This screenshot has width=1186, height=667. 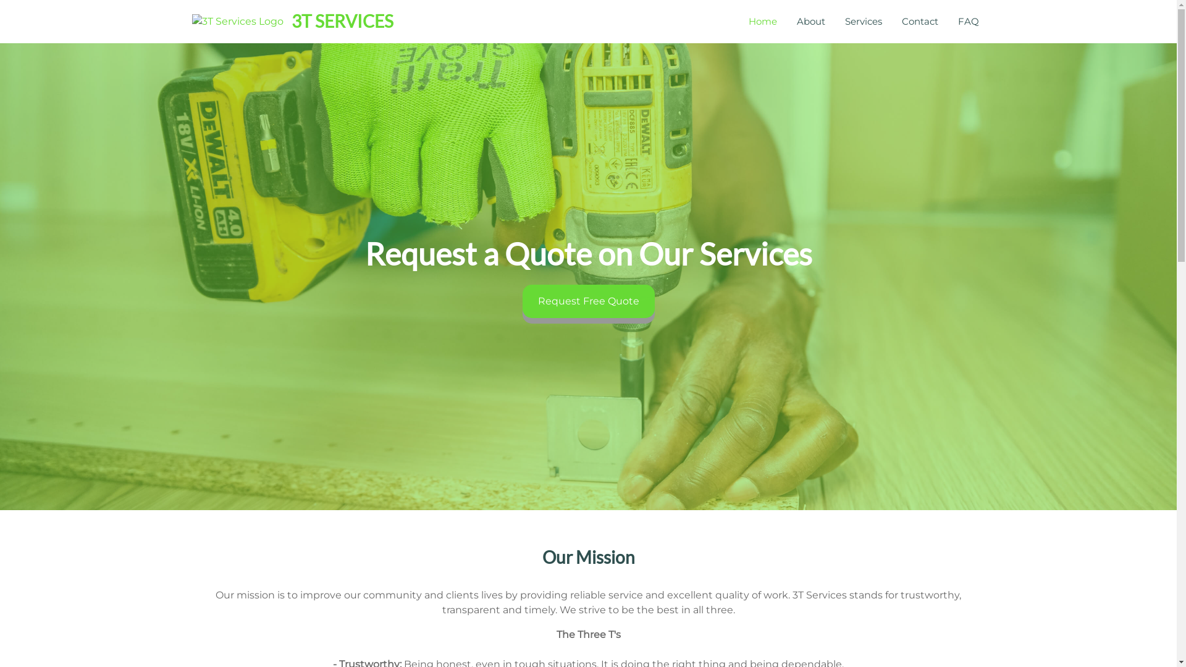 I want to click on 'Contact', so click(x=920, y=22).